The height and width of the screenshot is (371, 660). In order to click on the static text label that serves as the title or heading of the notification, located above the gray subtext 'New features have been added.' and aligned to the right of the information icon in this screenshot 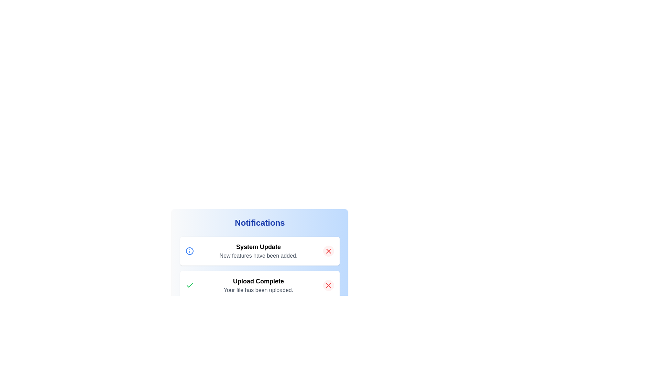, I will do `click(258, 246)`.